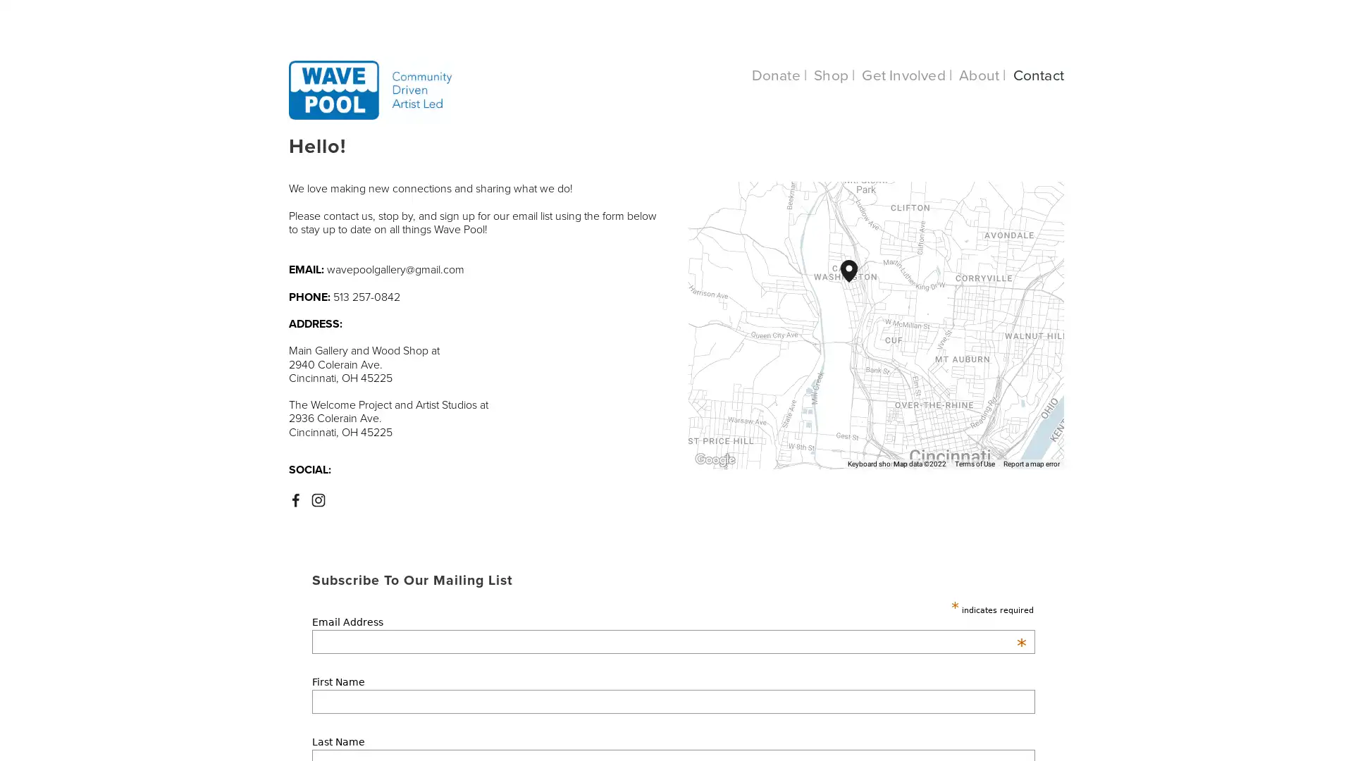 The image size is (1353, 761). What do you see at coordinates (854, 464) in the screenshot?
I see `Keyboard shortcuts` at bounding box center [854, 464].